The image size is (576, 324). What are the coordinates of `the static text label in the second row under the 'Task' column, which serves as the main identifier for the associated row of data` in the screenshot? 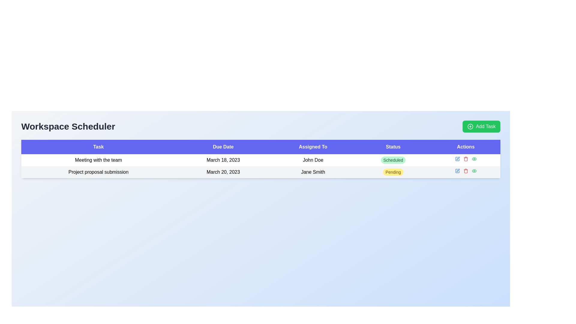 It's located at (98, 172).